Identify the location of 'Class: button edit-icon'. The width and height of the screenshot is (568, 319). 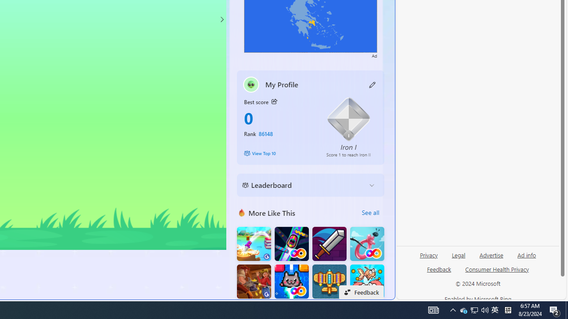
(372, 84).